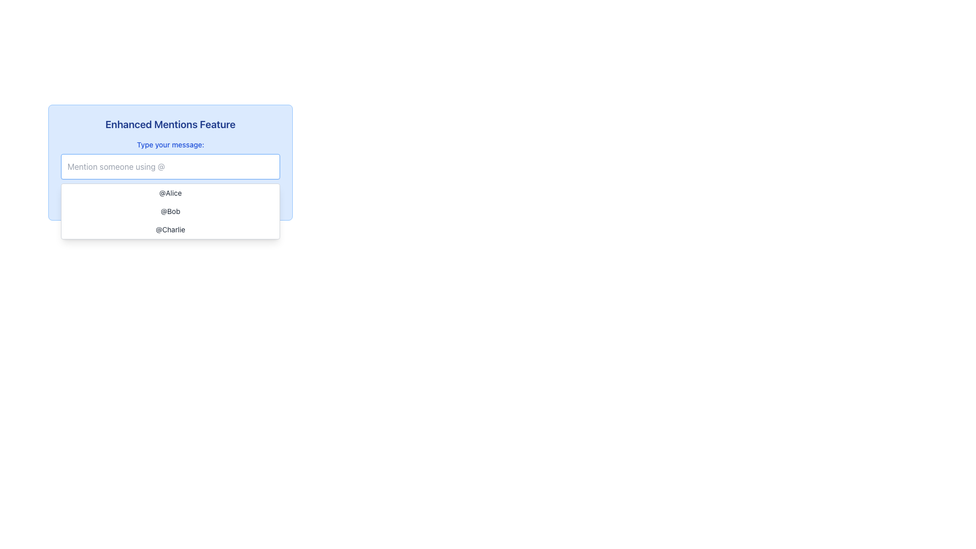 This screenshot has width=976, height=549. What do you see at coordinates (170, 211) in the screenshot?
I see `to select the suggestion '@Bob' from the dropdown suggestion list displayed below the input field labeled 'Mention someone using @'` at bounding box center [170, 211].